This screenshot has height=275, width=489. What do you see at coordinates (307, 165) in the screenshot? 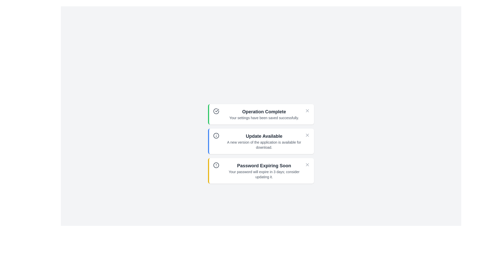
I see `the close button icon located in the bottom-right corner of the third notification panel that displays the message 'Password Expiring Soon.'` at bounding box center [307, 165].